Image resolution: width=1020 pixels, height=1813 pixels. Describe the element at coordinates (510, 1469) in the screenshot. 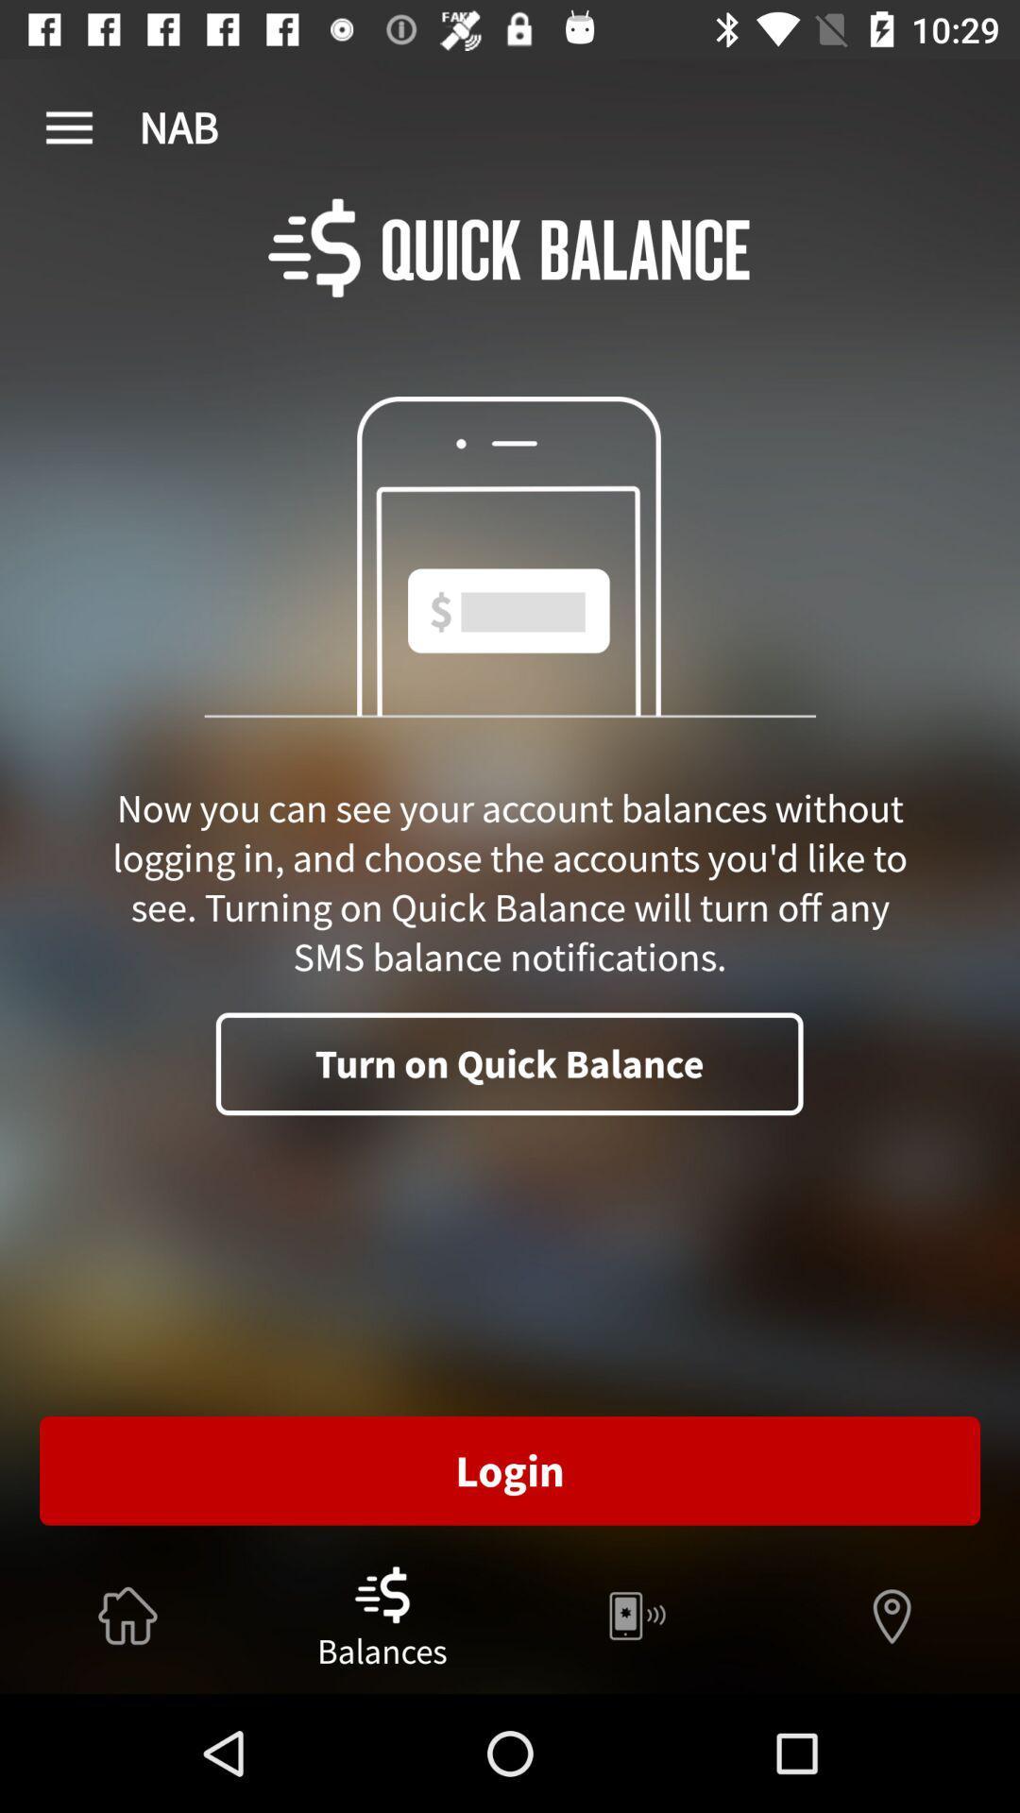

I see `the login` at that location.